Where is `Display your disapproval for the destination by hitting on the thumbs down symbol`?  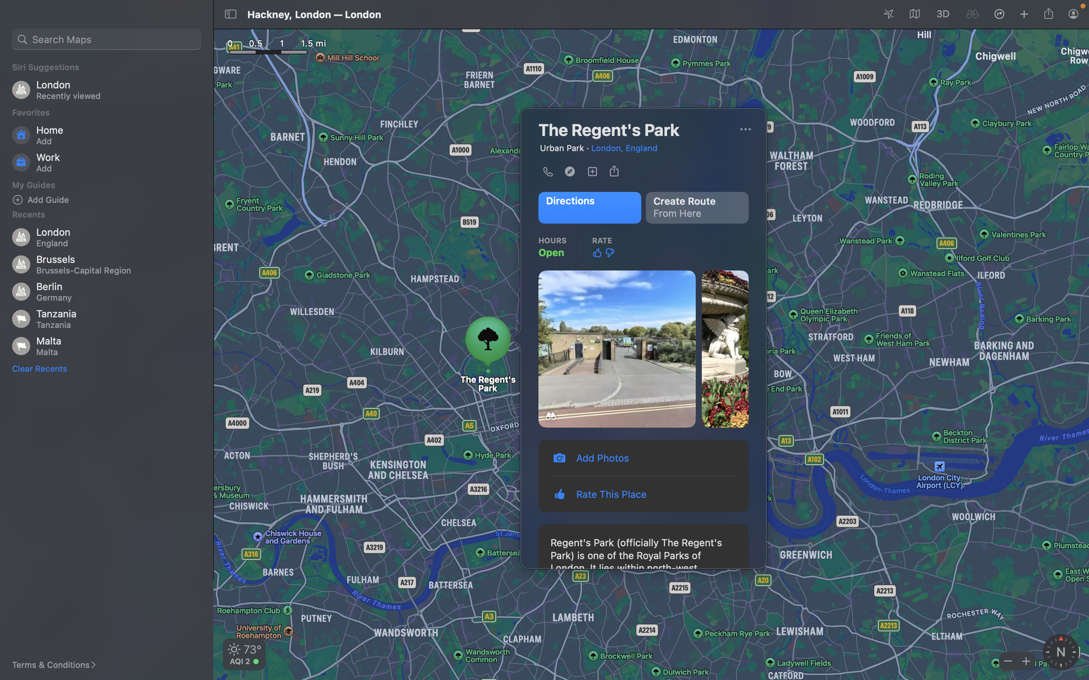
Display your disapproval for the destination by hitting on the thumbs down symbol is located at coordinates (609, 253).